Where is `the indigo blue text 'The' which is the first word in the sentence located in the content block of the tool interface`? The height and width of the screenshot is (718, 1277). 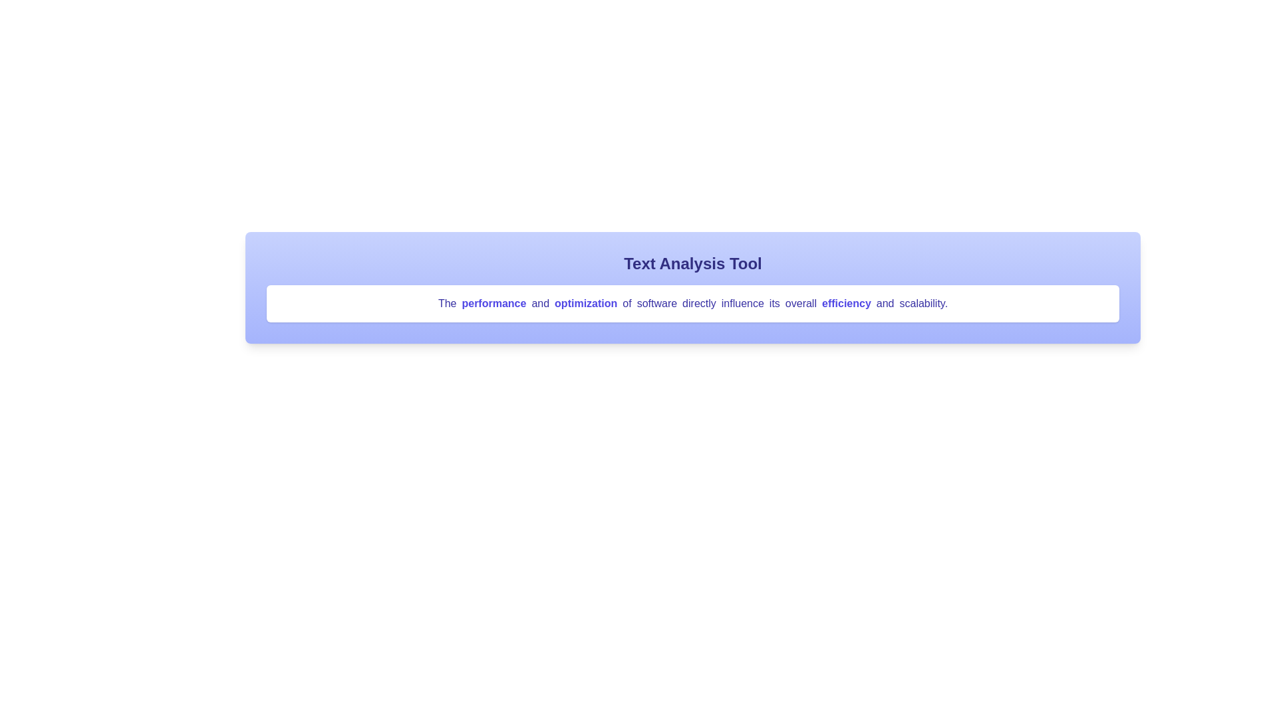
the indigo blue text 'The' which is the first word in the sentence located in the content block of the tool interface is located at coordinates (447, 303).